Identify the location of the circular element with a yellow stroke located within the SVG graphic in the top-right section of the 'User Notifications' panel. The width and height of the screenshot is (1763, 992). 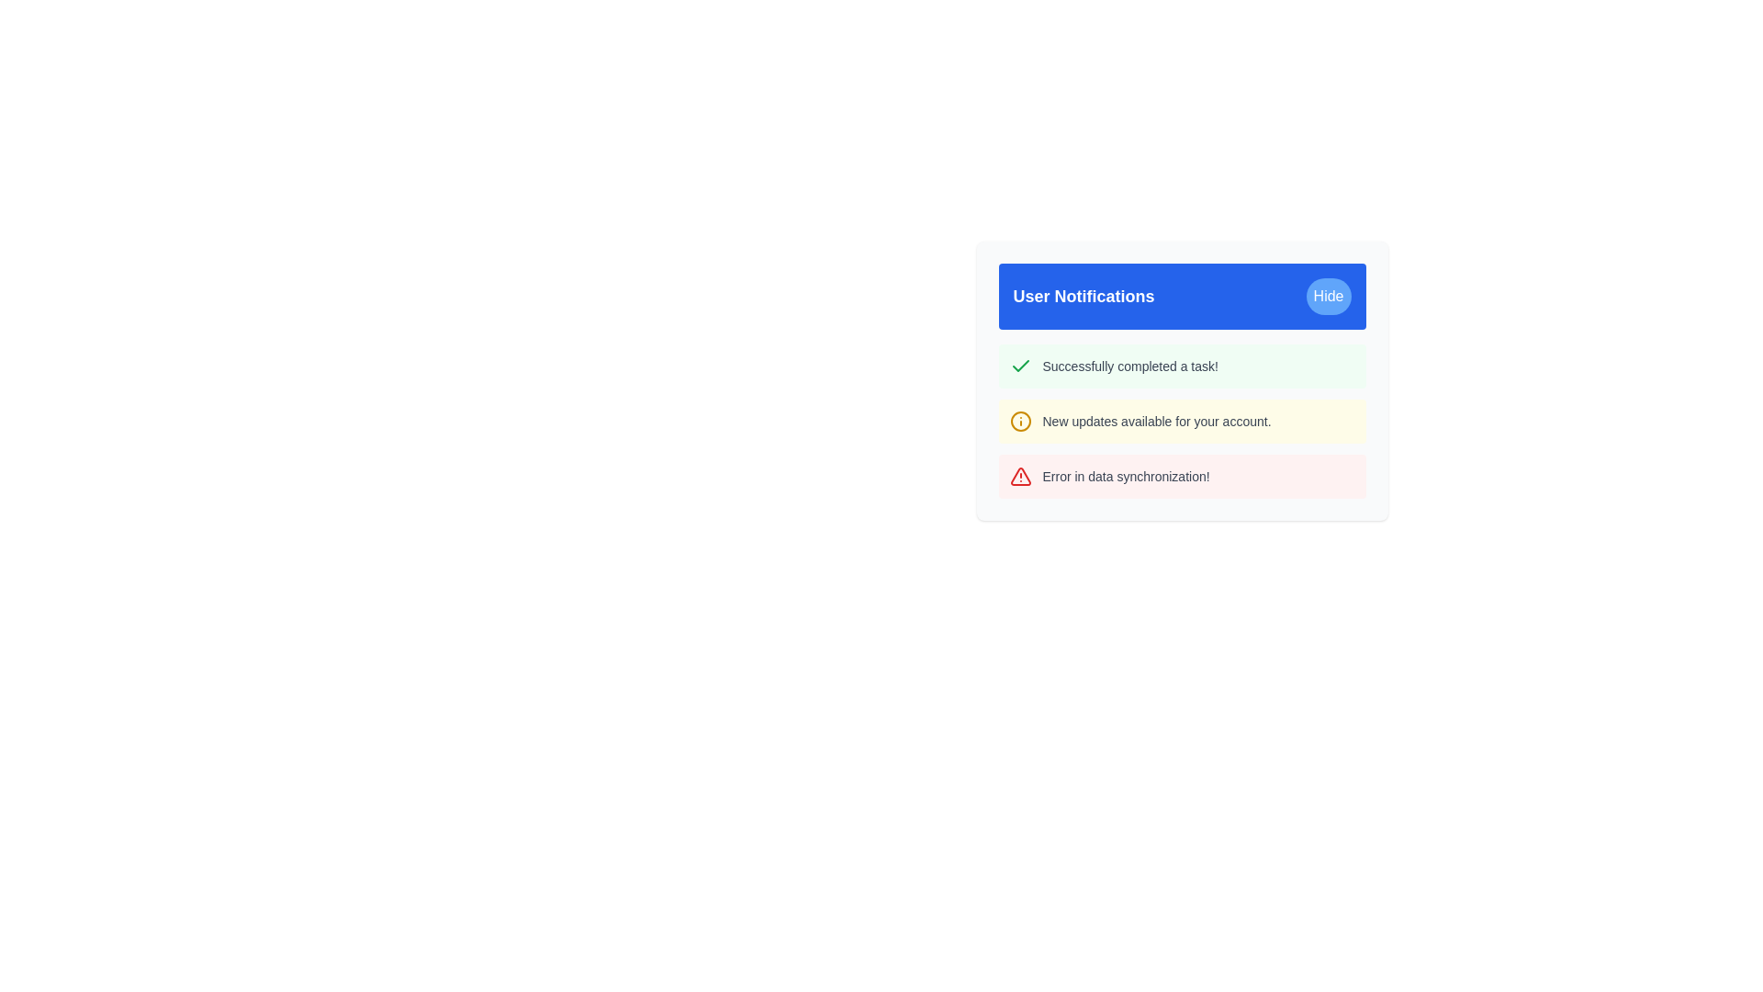
(1019, 422).